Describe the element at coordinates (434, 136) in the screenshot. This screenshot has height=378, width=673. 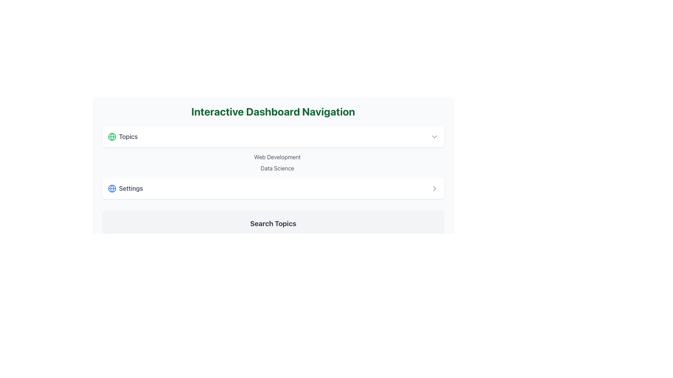
I see `the chevron icon on the far-right side of the 'Topics' row` at that location.